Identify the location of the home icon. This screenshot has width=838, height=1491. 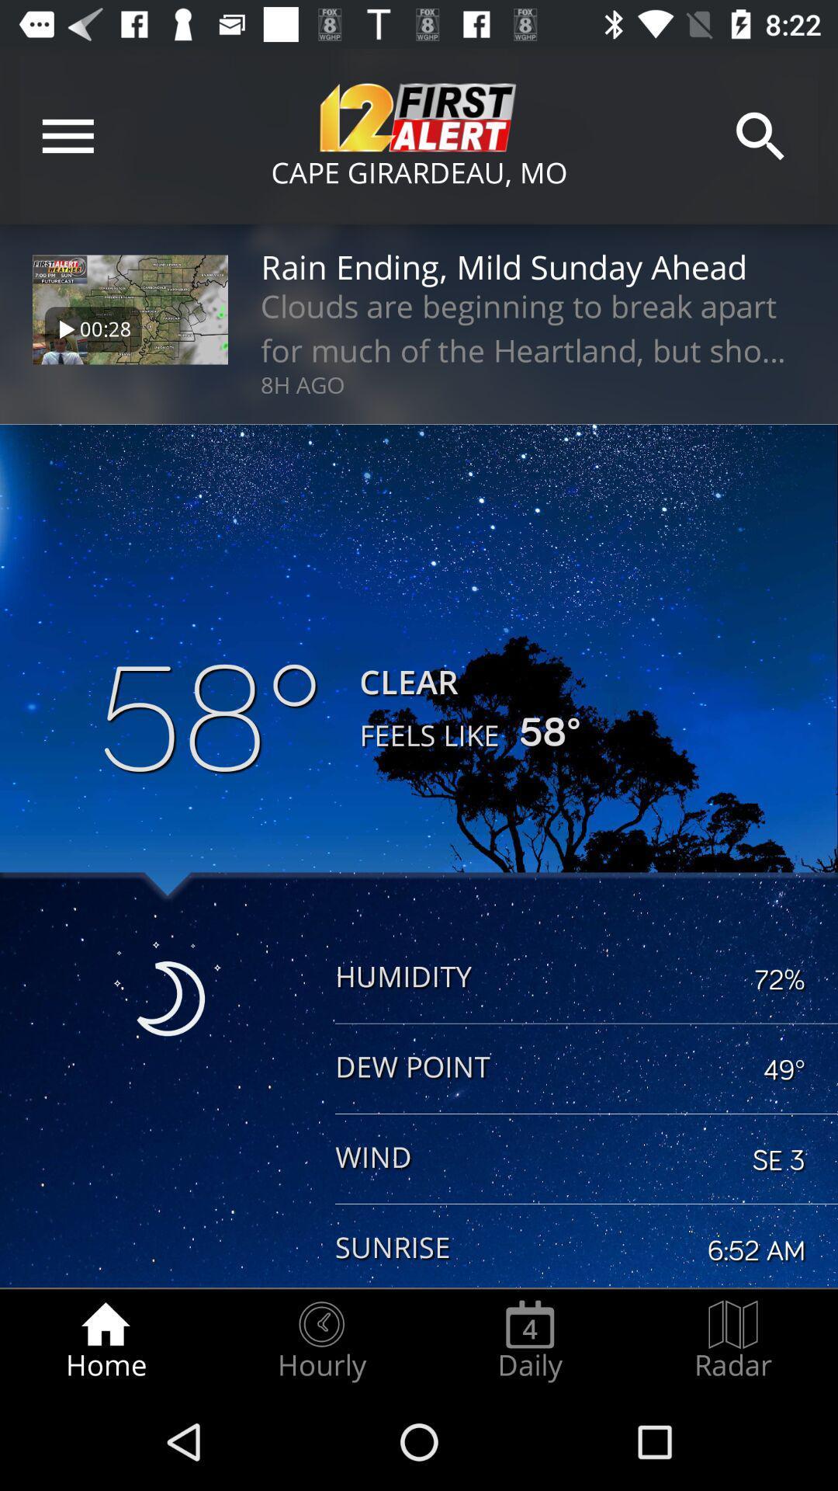
(105, 1340).